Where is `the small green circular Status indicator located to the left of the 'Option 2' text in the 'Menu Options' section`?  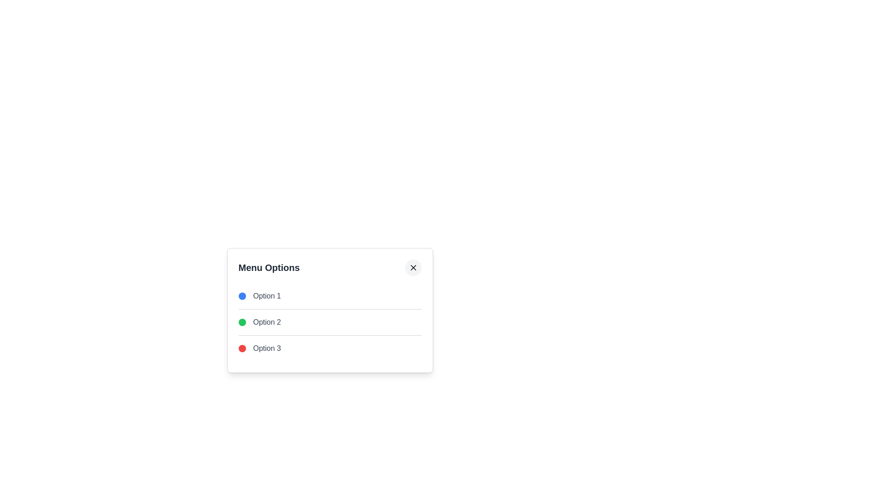
the small green circular Status indicator located to the left of the 'Option 2' text in the 'Menu Options' section is located at coordinates (242, 322).